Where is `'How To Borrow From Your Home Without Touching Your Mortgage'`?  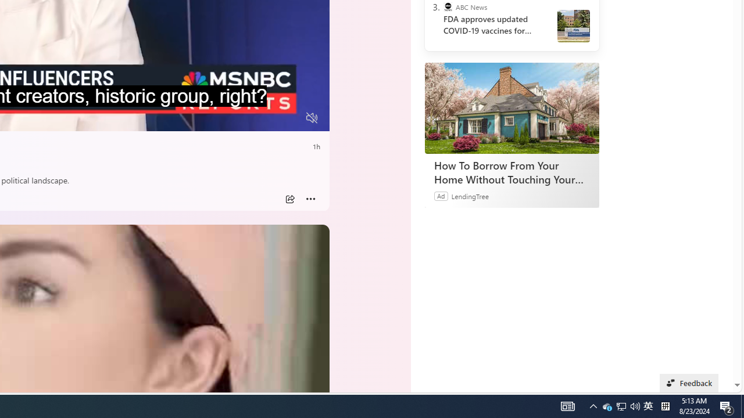 'How To Borrow From Your Home Without Touching Your Mortgage' is located at coordinates (512, 108).